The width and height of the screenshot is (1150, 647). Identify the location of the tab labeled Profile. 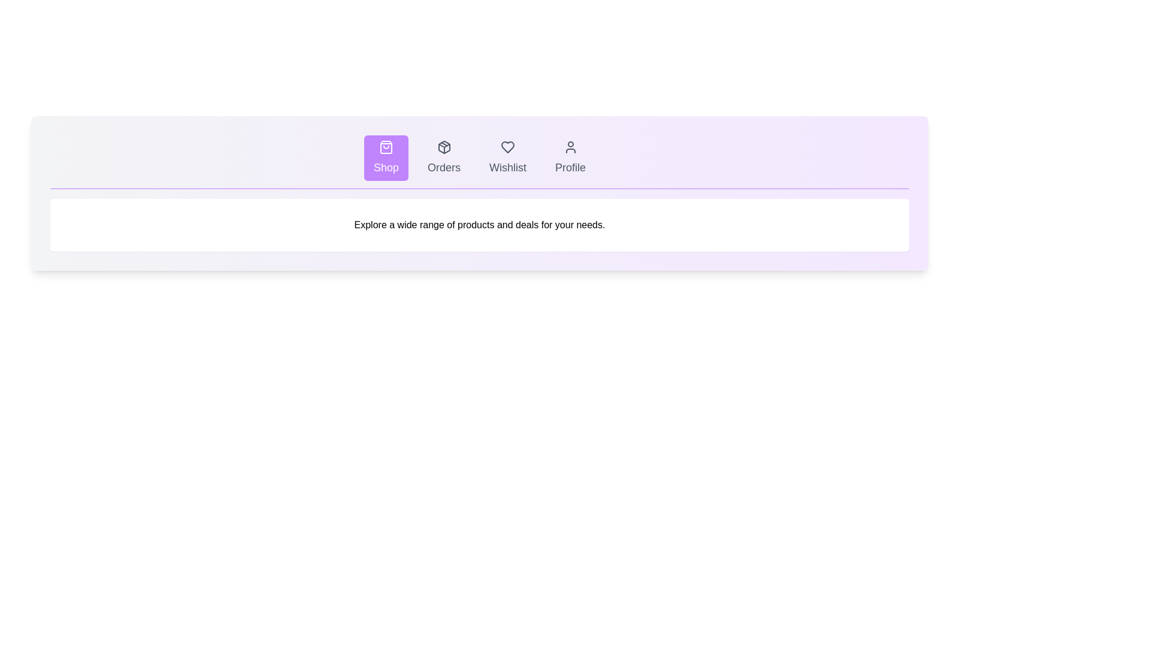
(570, 157).